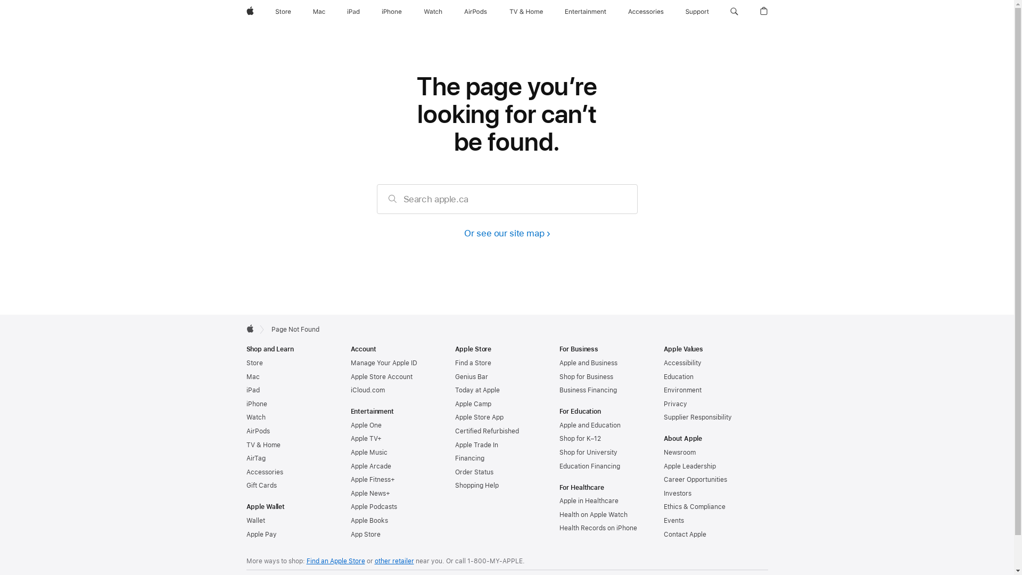 The width and height of the screenshot is (1022, 575). I want to click on 'Apple Books', so click(350, 520).